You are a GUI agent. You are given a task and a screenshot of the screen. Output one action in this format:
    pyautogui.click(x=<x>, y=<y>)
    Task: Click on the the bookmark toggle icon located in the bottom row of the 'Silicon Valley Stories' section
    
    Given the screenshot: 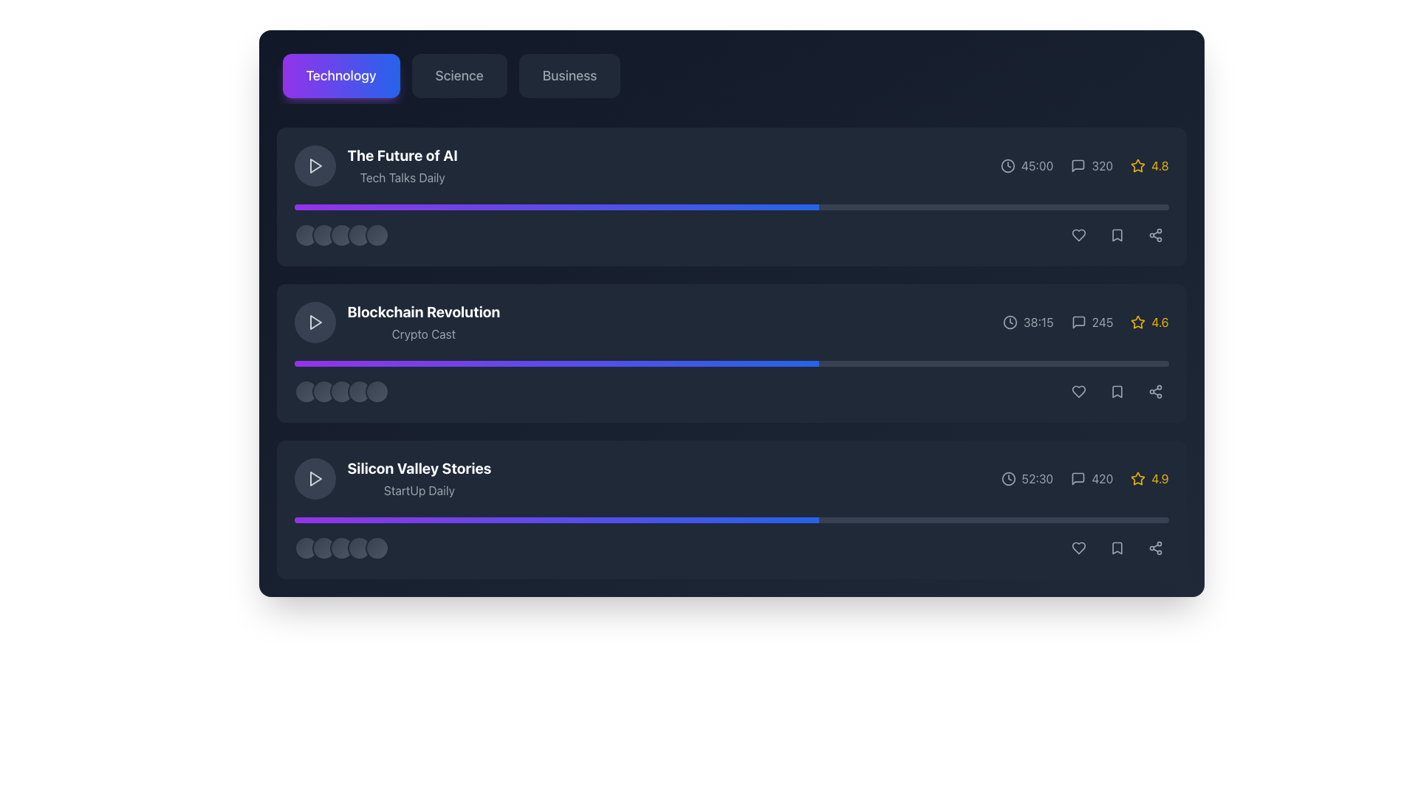 What is the action you would take?
    pyautogui.click(x=1117, y=391)
    